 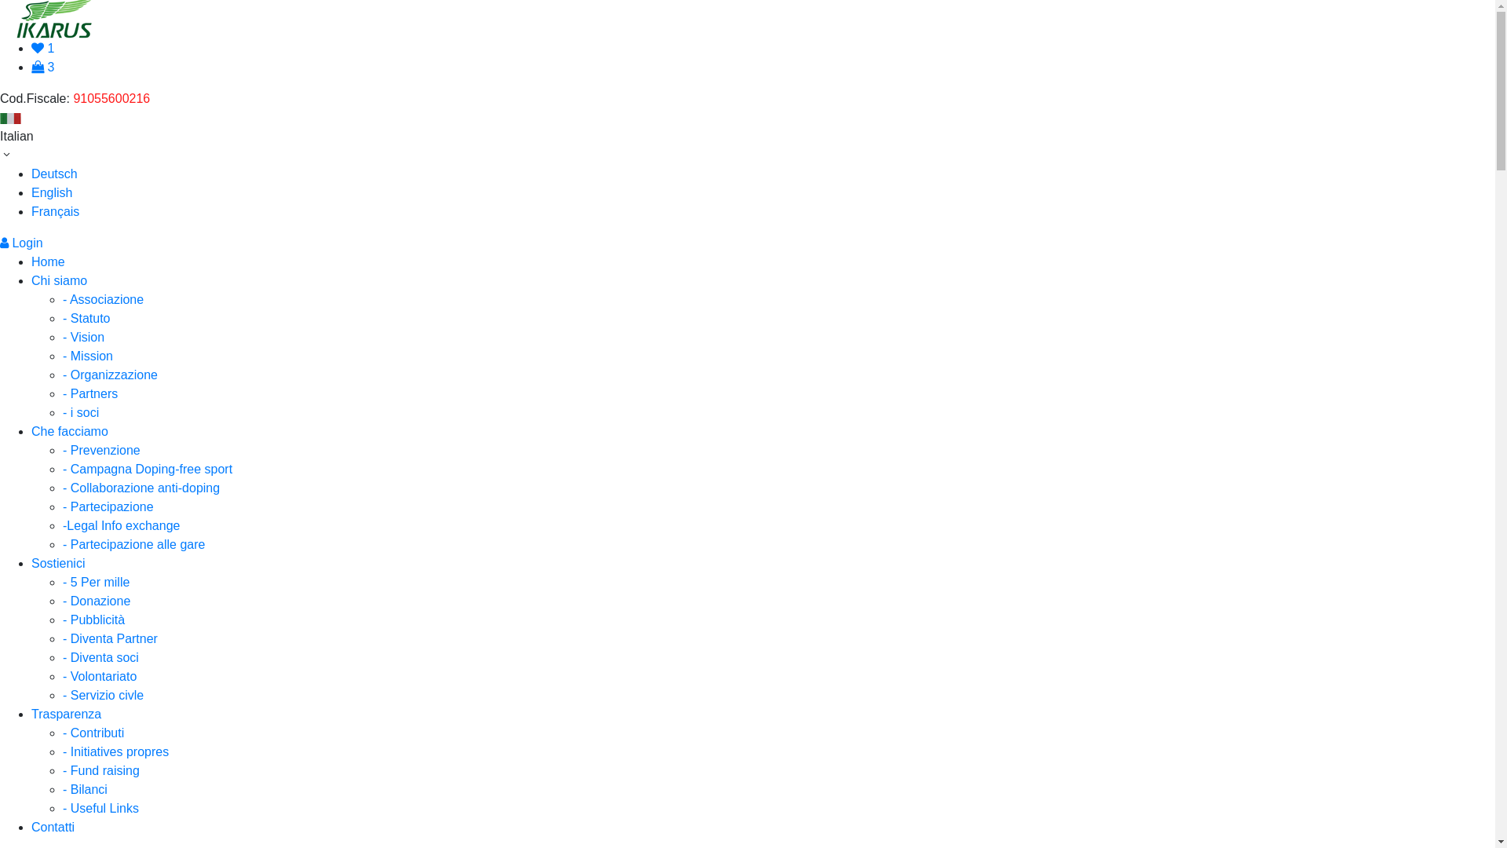 What do you see at coordinates (96, 601) in the screenshot?
I see `'- Donazione'` at bounding box center [96, 601].